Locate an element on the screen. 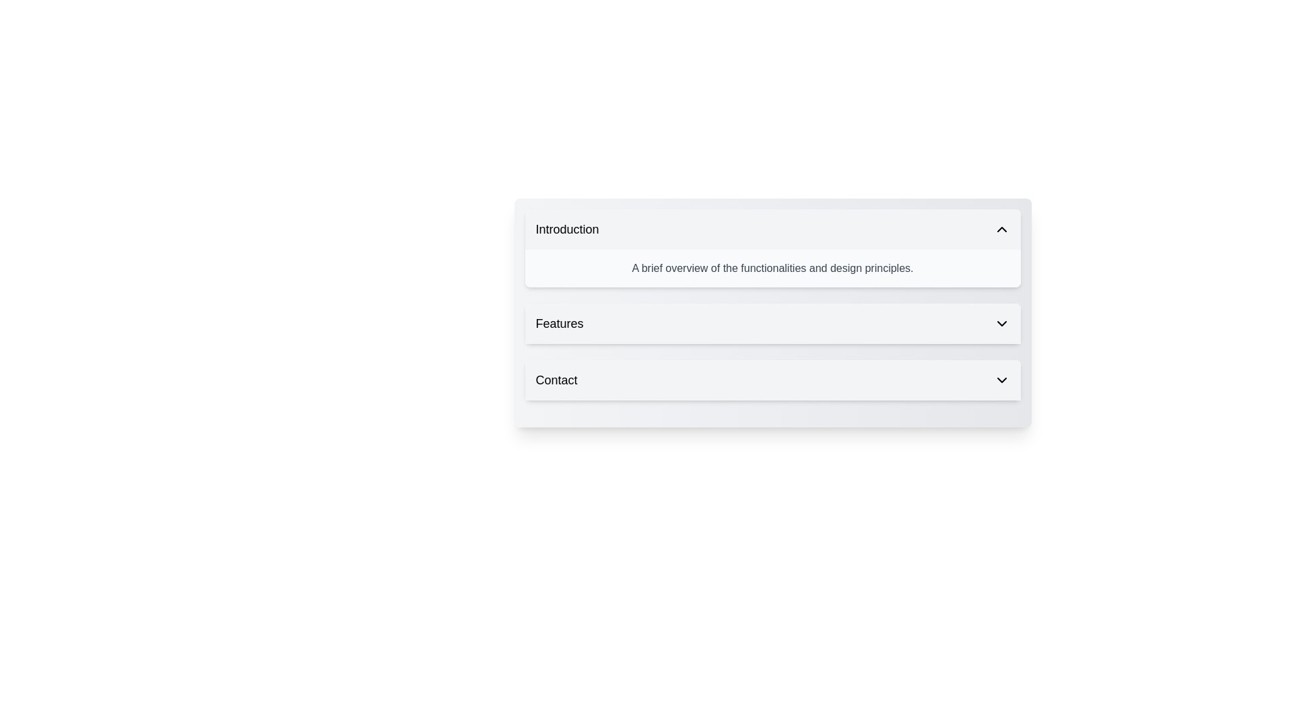 This screenshot has width=1293, height=727. the chevron icon located at the far-right side of the 'Introduction' header section is located at coordinates (1001, 228).